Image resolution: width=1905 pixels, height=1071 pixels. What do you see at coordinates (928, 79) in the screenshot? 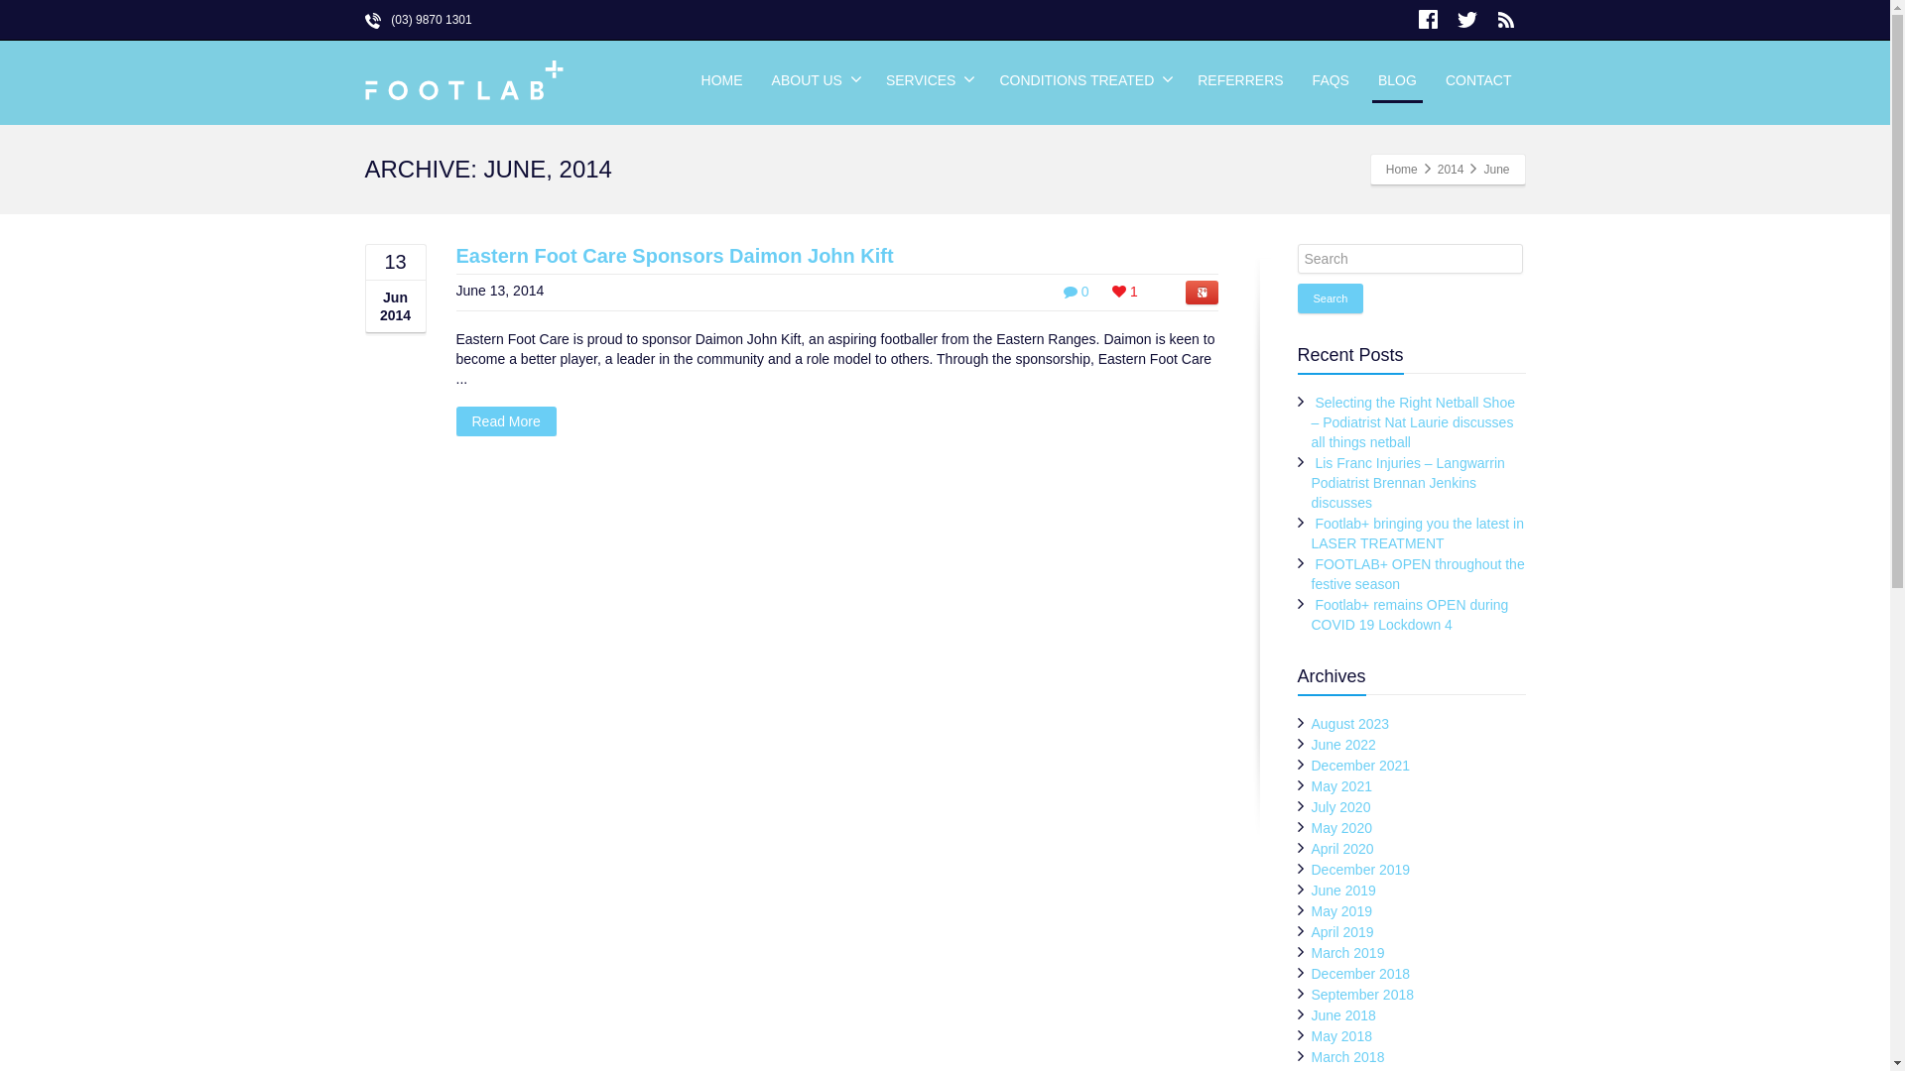
I see `'SERVICES'` at bounding box center [928, 79].